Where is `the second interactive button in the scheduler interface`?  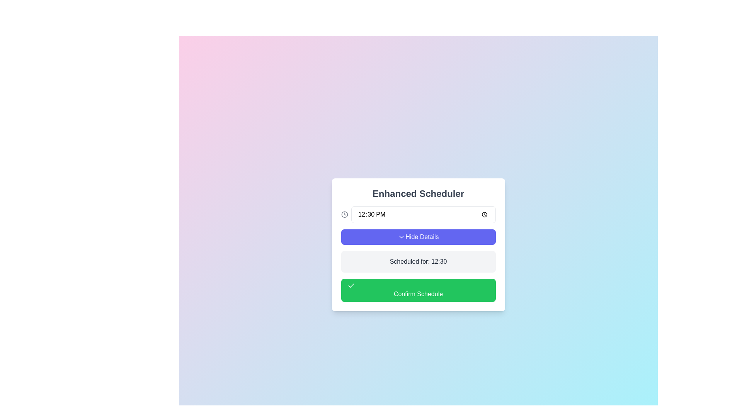
the second interactive button in the scheduler interface is located at coordinates (418, 244).